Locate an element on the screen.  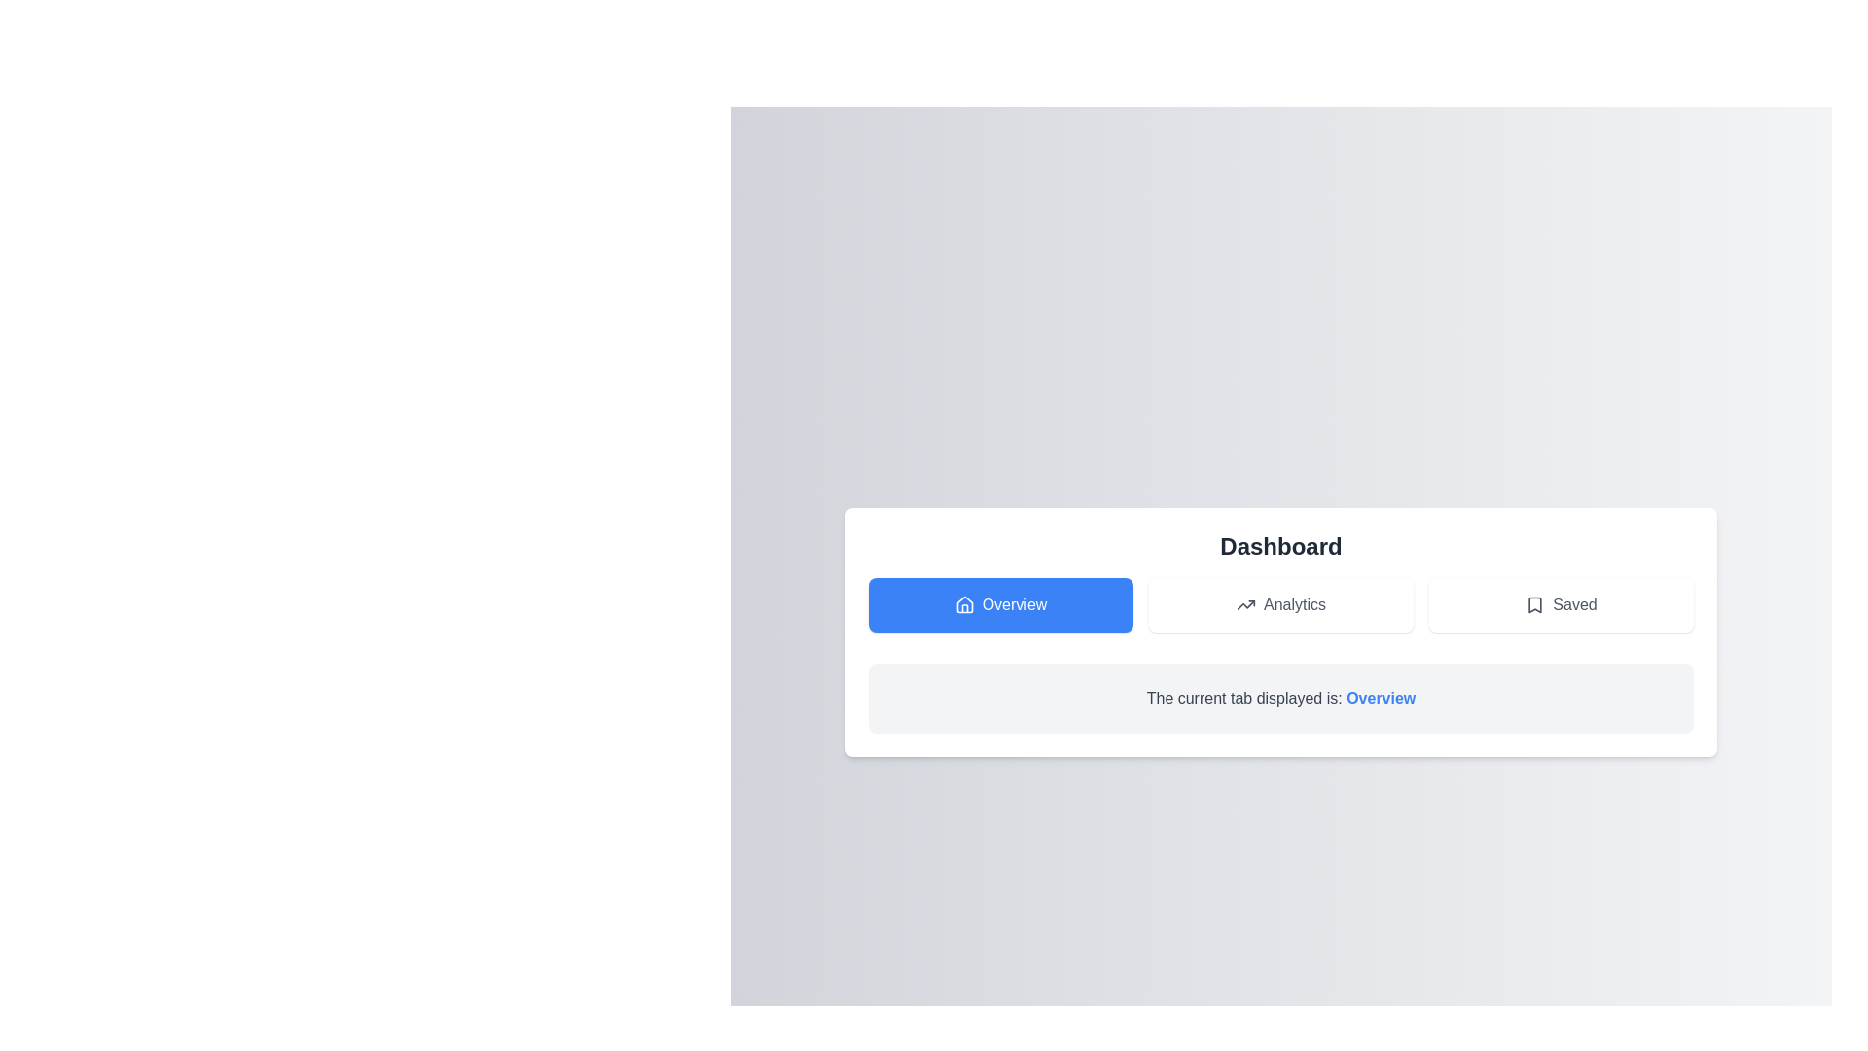
the 'Overview' text label, which is displayed in bold blue font and serves as an emphasis or link, located below the title 'Dashboard' is located at coordinates (1380, 697).